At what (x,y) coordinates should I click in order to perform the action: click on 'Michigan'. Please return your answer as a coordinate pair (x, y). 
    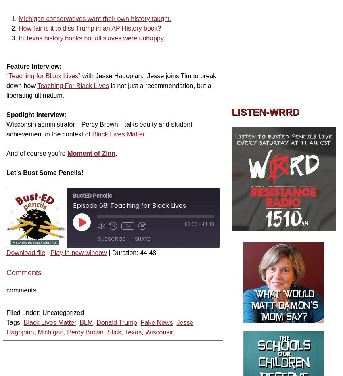
    Looking at the image, I should click on (37, 331).